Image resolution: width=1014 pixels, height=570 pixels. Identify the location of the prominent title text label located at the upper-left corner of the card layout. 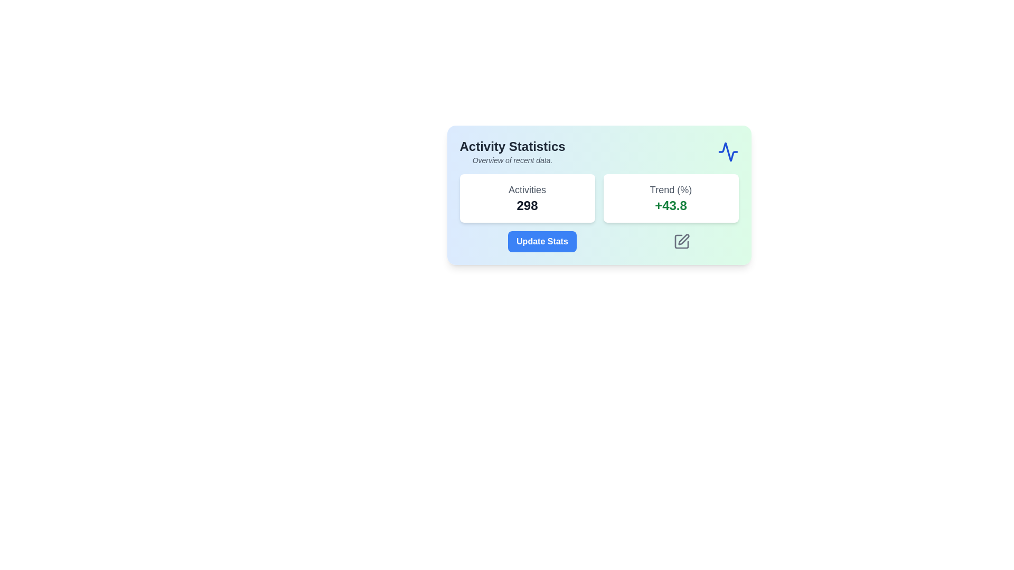
(512, 146).